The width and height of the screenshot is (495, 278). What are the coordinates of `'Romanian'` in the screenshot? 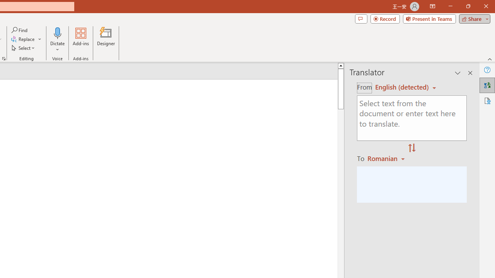 It's located at (387, 158).